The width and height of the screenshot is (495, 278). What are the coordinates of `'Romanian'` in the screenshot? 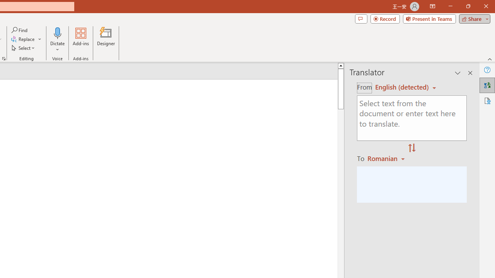 It's located at (387, 158).